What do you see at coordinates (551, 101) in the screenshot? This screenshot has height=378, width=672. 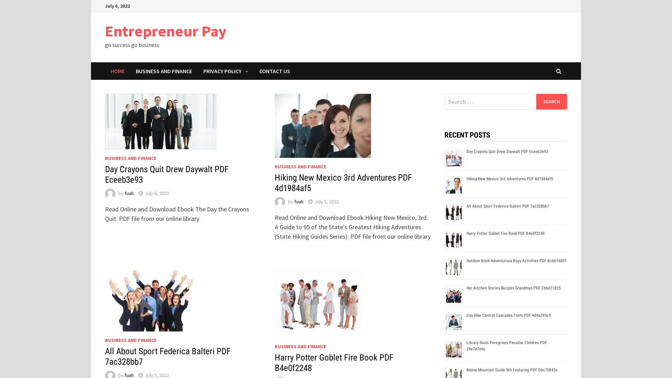 I see `Search` at bounding box center [551, 101].